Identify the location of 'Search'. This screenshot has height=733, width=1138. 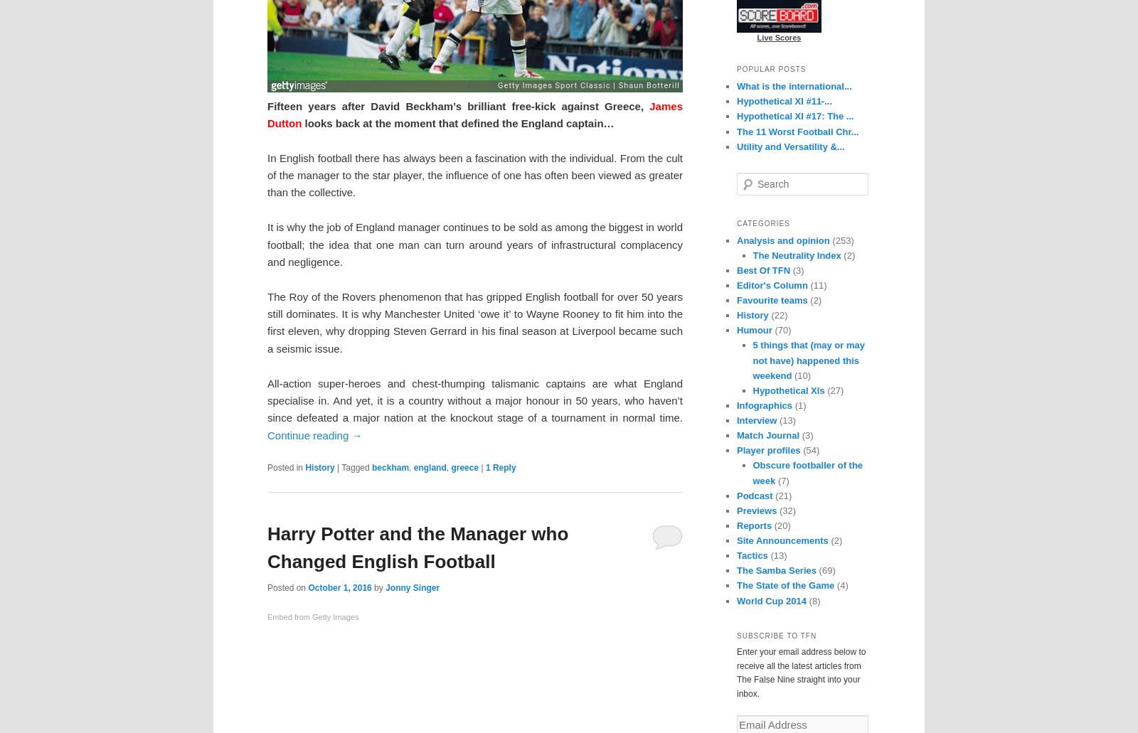
(750, 178).